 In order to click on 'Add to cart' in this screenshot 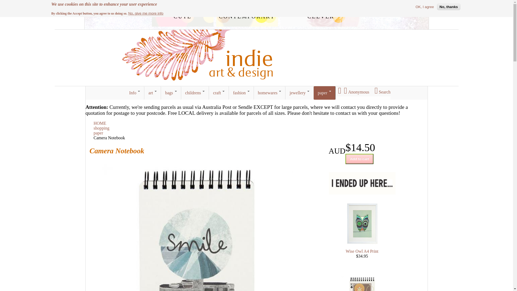, I will do `click(359, 159)`.